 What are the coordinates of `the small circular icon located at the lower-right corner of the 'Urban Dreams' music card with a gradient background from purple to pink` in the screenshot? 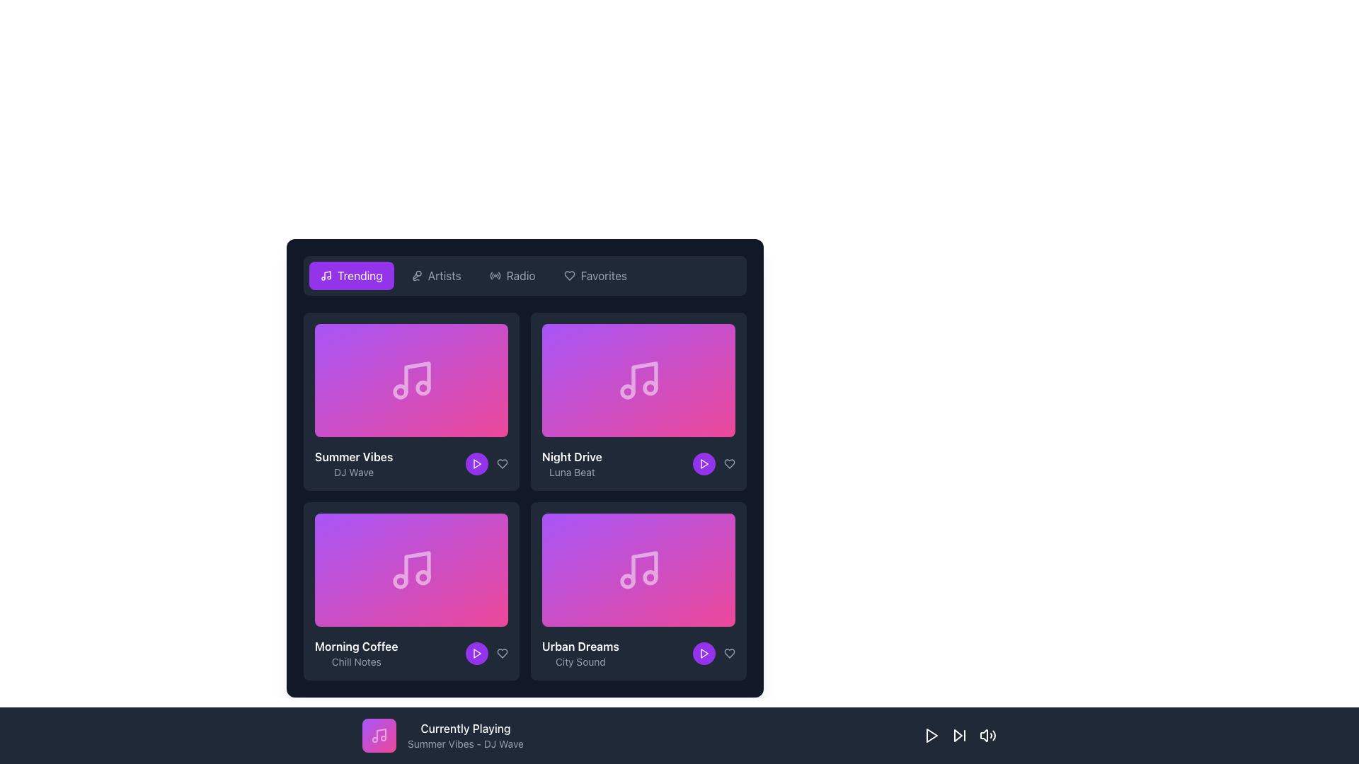 It's located at (649, 577).